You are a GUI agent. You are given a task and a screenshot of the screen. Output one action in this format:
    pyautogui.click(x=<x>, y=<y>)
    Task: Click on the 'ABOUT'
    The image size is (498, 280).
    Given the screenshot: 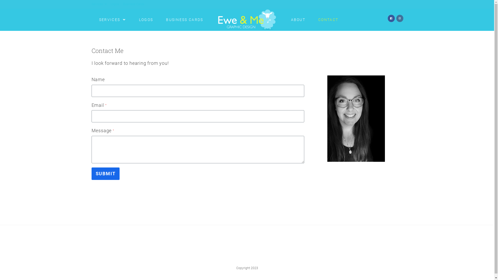 What is the action you would take?
    pyautogui.click(x=298, y=19)
    